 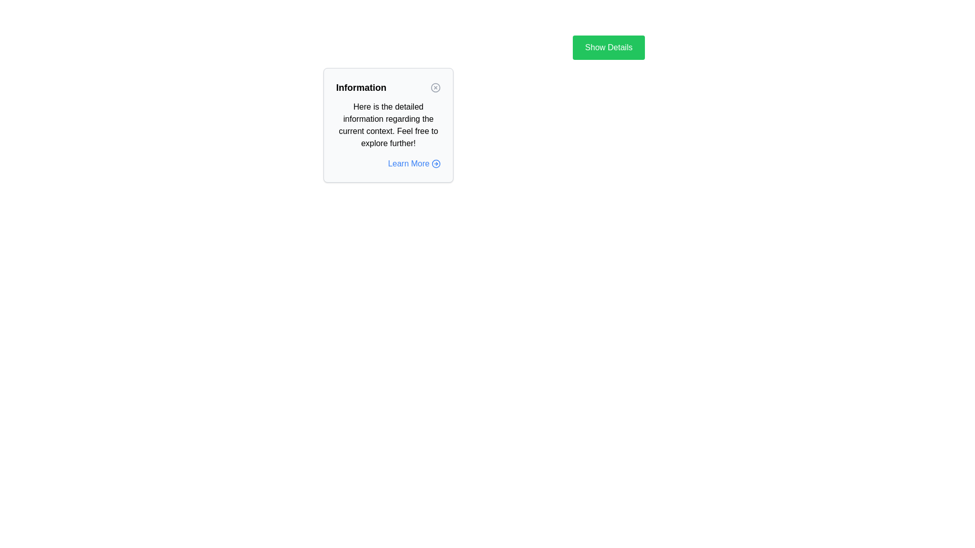 I want to click on the close button located at the top-right corner of the 'Information' section, next to the title 'Information', so click(x=436, y=87).